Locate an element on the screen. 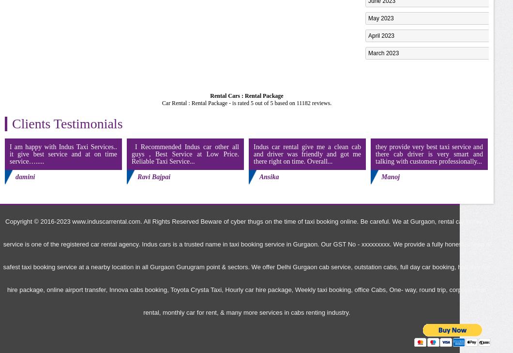 This screenshot has width=513, height=353. '#24 Hrs Manesar Car Rentals#' is located at coordinates (408, 60).